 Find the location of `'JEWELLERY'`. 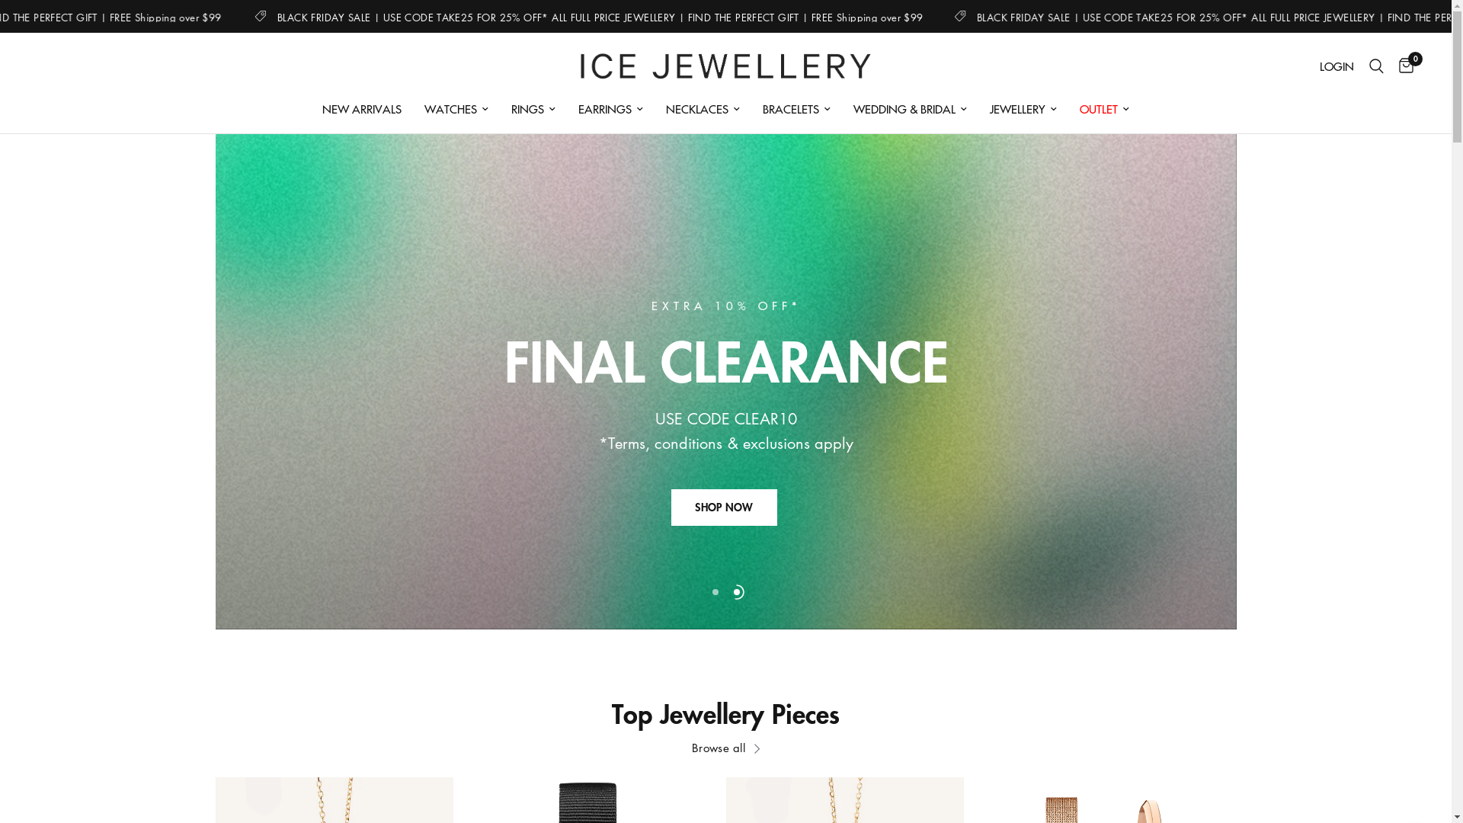

'JEWELLERY' is located at coordinates (1023, 107).